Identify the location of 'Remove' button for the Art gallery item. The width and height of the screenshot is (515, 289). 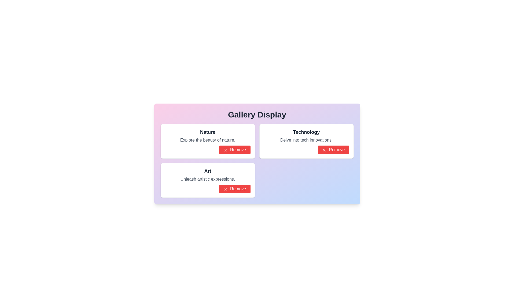
(235, 188).